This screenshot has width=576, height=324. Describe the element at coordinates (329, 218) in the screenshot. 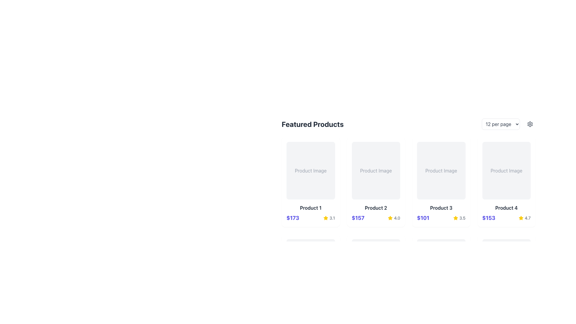

I see `the Rating display element showing '3.1' for the product in the first card, located to the right of the price tag '$173'` at that location.